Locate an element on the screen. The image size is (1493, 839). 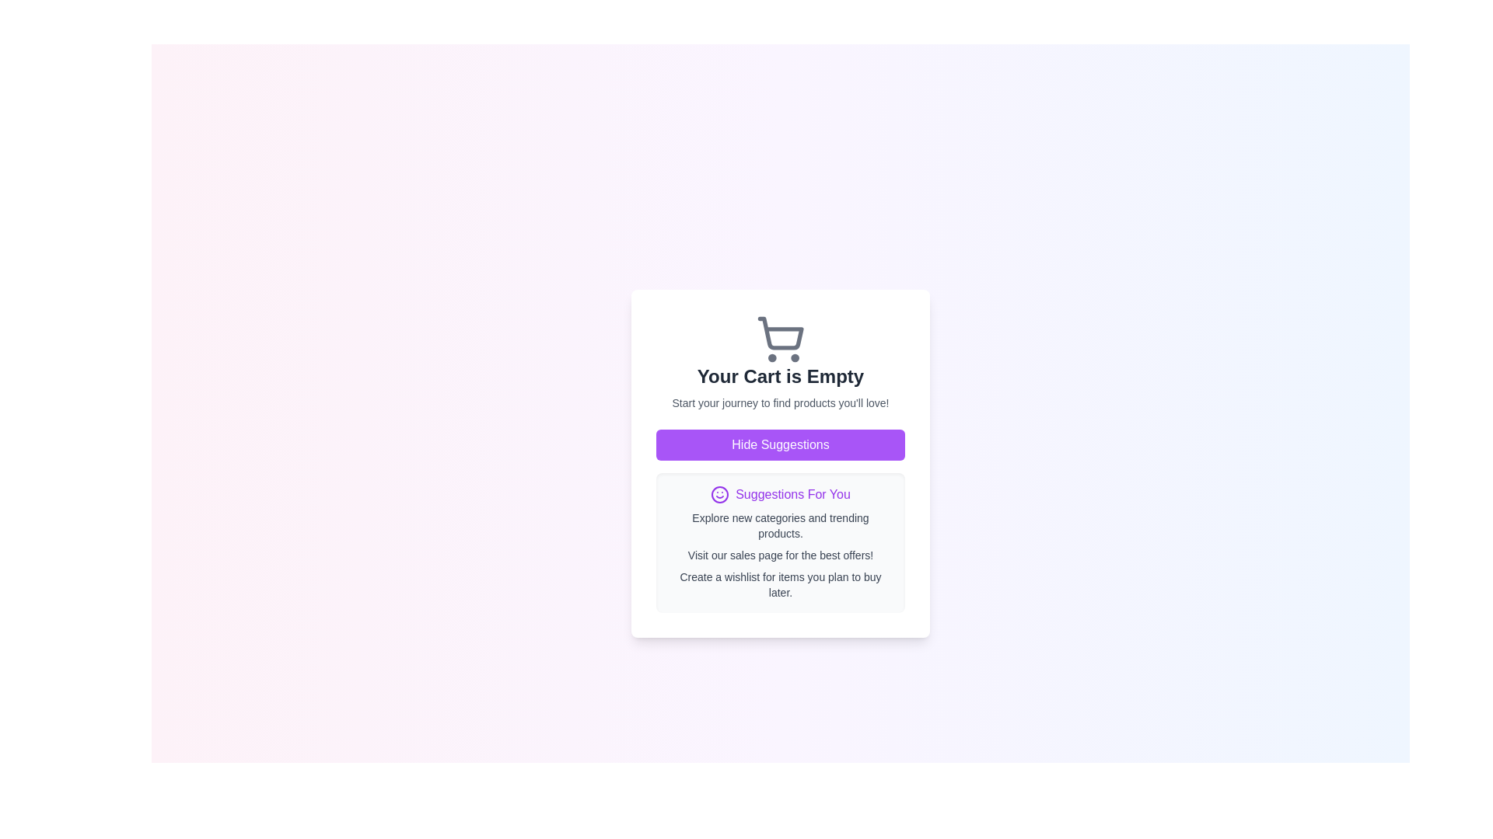
the shopping cart icon, which is gray and located at the top of the text block that says 'Your Cart is Empty.' is located at coordinates (780, 338).